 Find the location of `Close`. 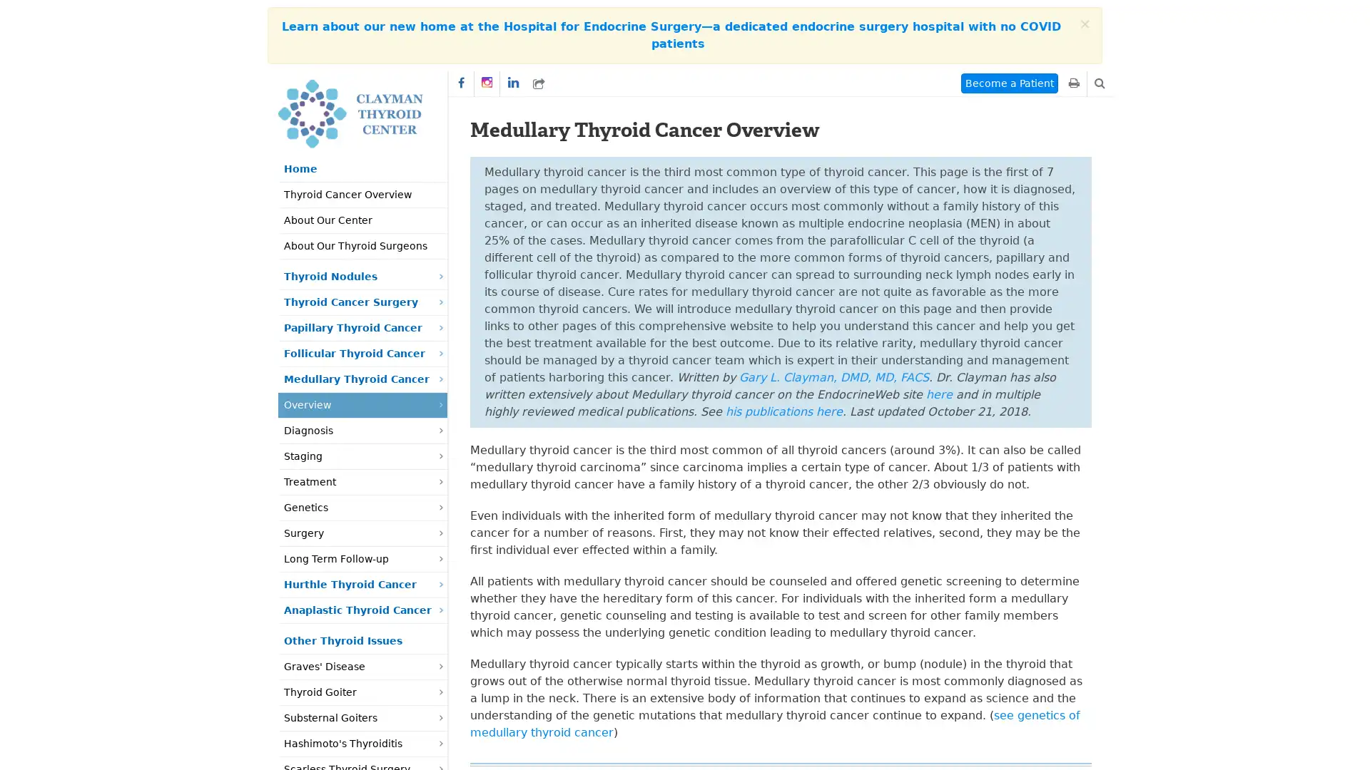

Close is located at coordinates (1085, 24).